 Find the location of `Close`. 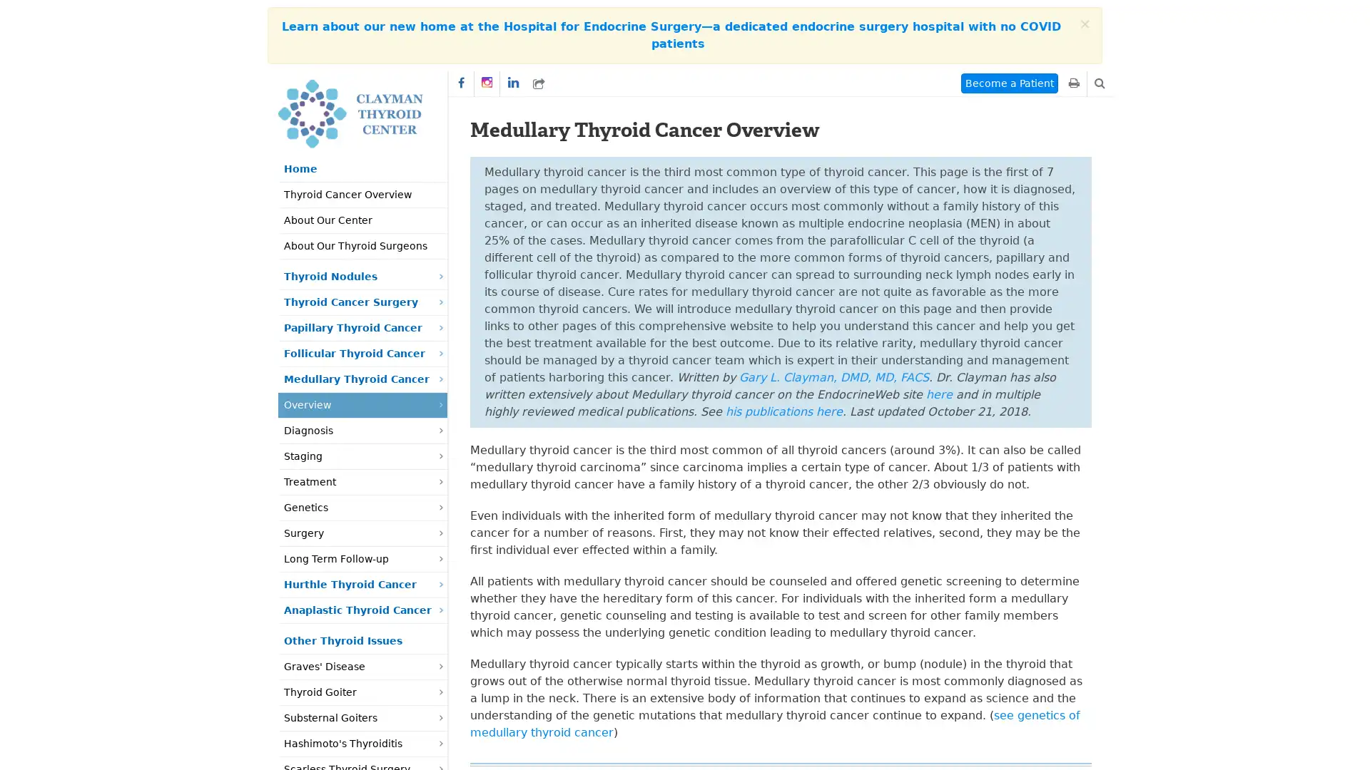

Close is located at coordinates (1085, 24).